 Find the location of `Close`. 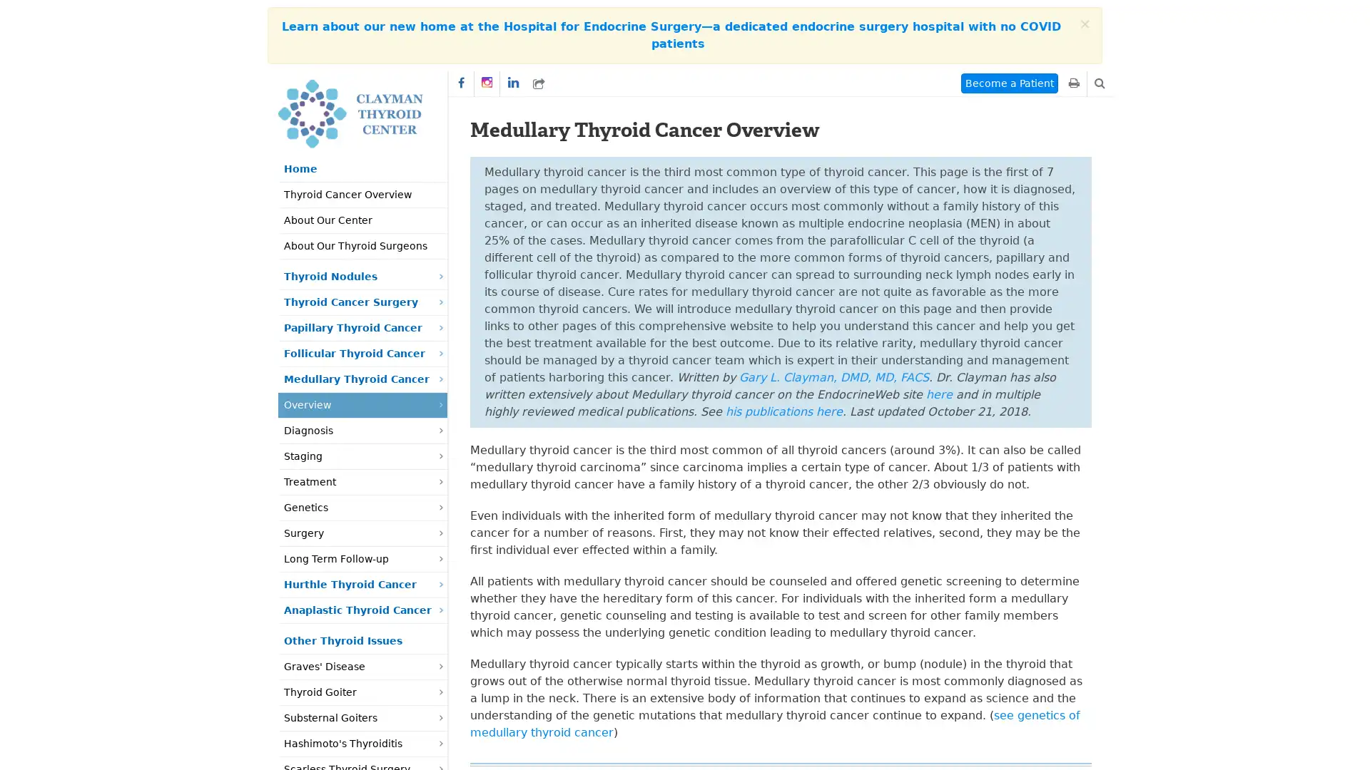

Close is located at coordinates (1085, 24).